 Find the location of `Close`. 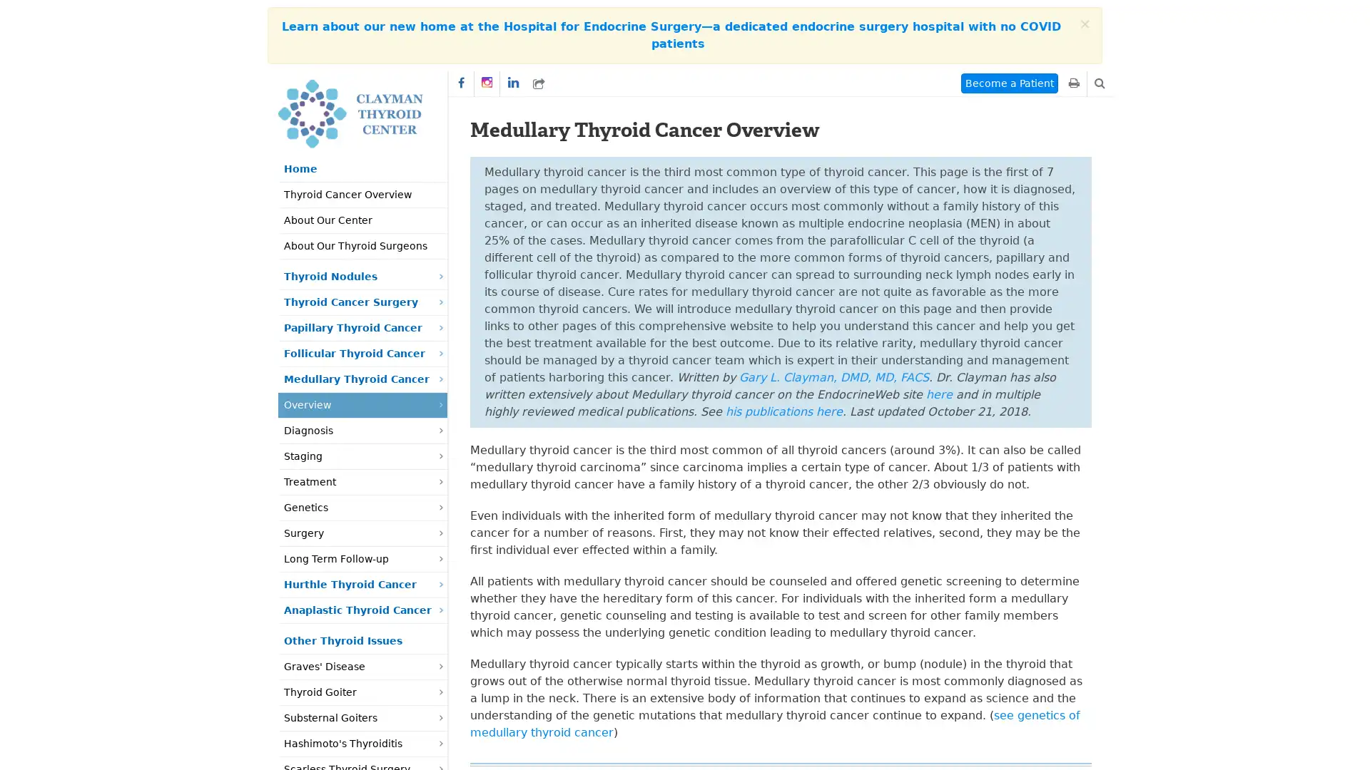

Close is located at coordinates (1085, 24).